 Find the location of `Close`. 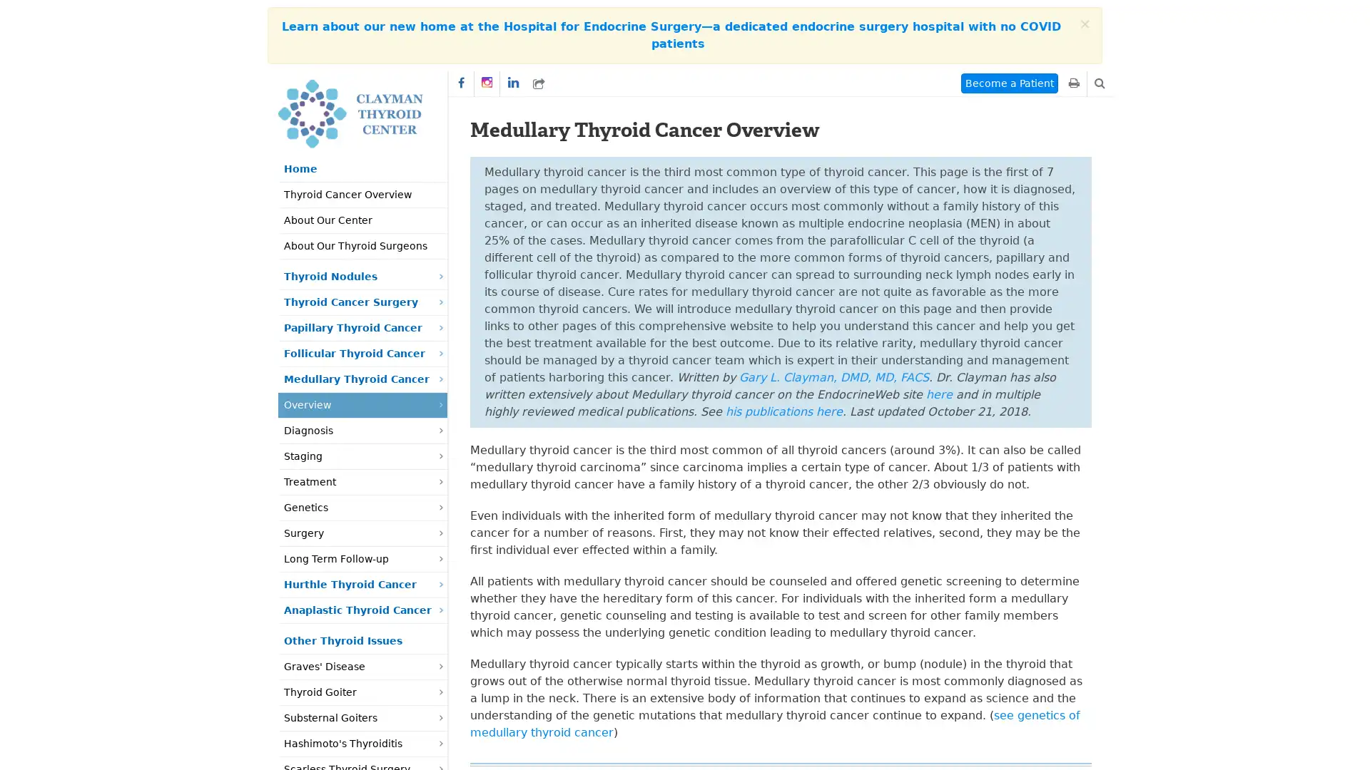

Close is located at coordinates (1085, 24).